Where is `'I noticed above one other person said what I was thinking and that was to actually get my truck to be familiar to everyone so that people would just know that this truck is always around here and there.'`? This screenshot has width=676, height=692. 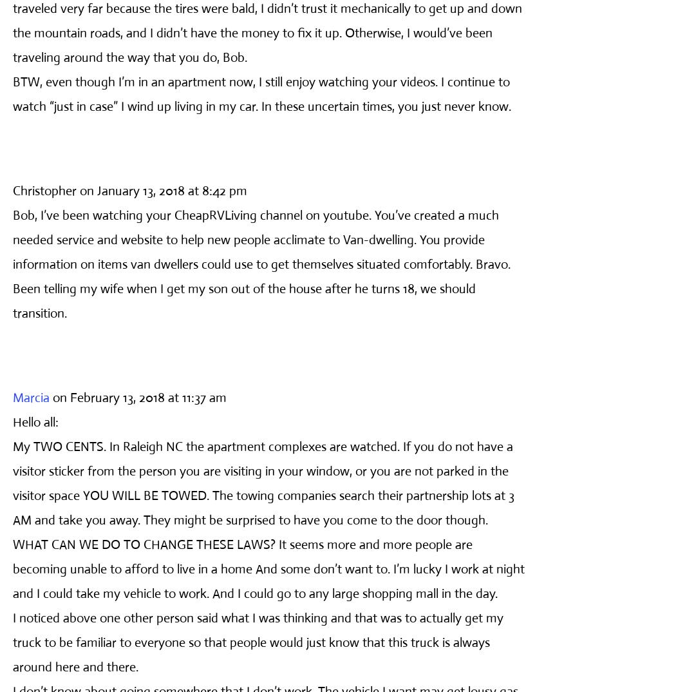 'I noticed above one other person said what I was thinking and that was to actually get my truck to be familiar to everyone so that people would just know that this truck is always around here and there.' is located at coordinates (258, 641).